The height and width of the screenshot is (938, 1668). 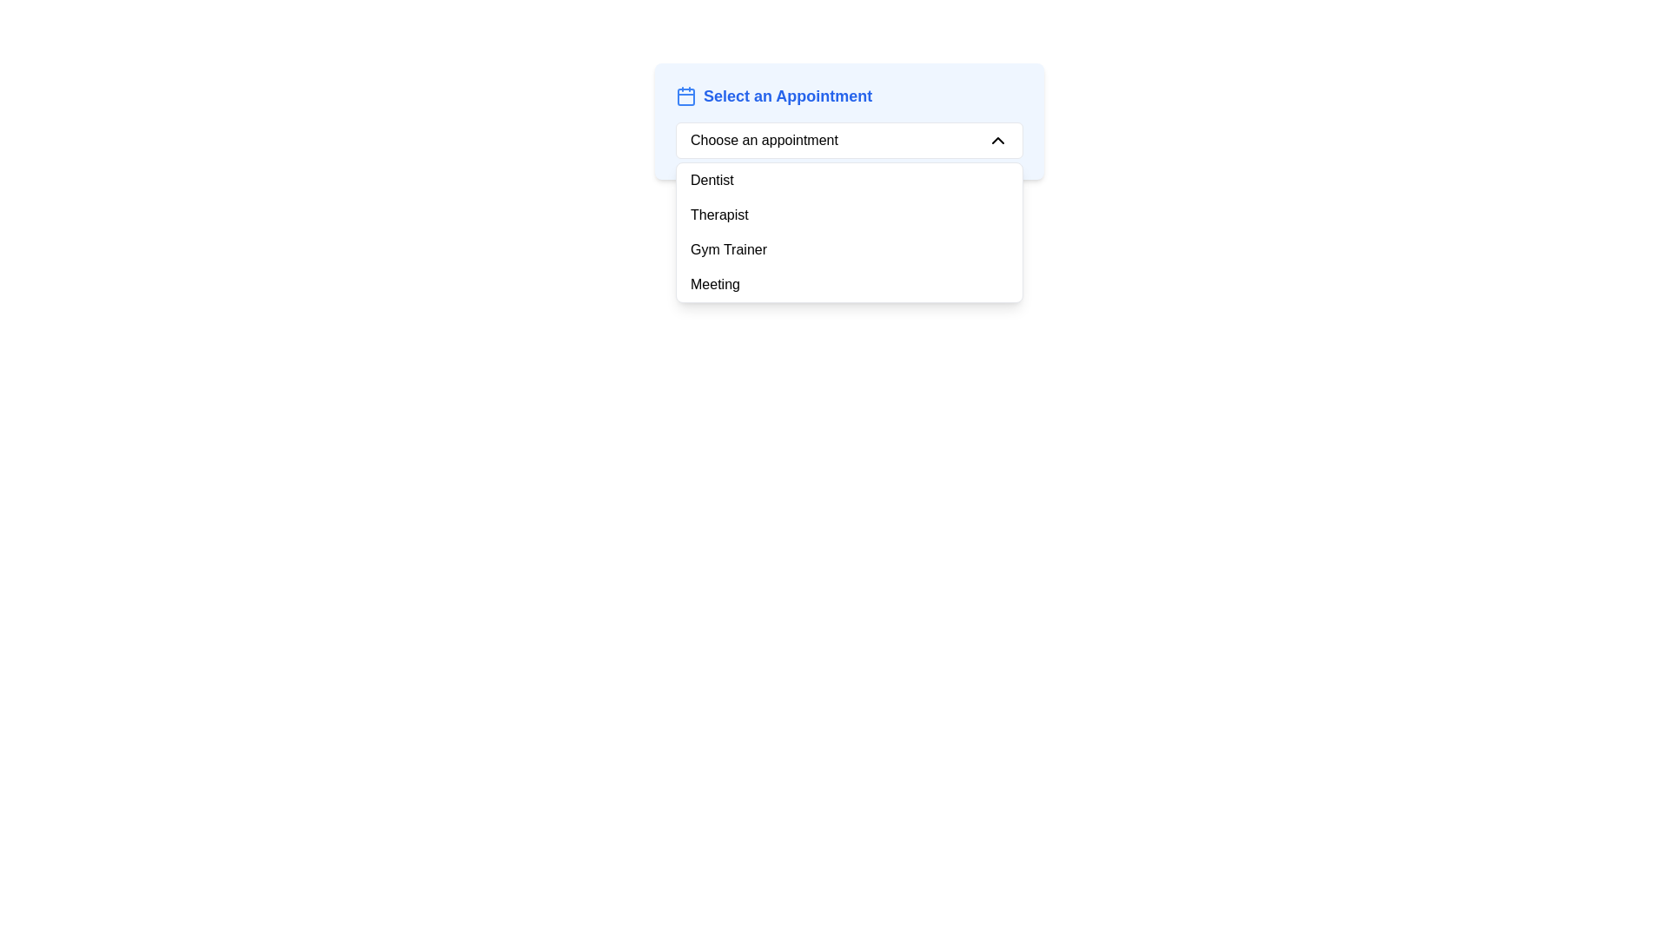 I want to click on the 'Therapist' menu item, which is the second option in the dropdown menu located below 'Dentist' and above 'Gym Trainer', so click(x=850, y=214).